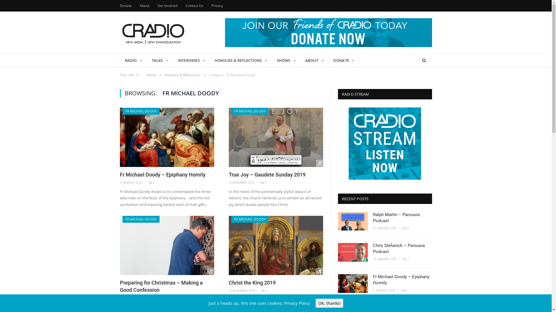 The image size is (556, 312). What do you see at coordinates (424, 60) in the screenshot?
I see `'Search'` at bounding box center [424, 60].